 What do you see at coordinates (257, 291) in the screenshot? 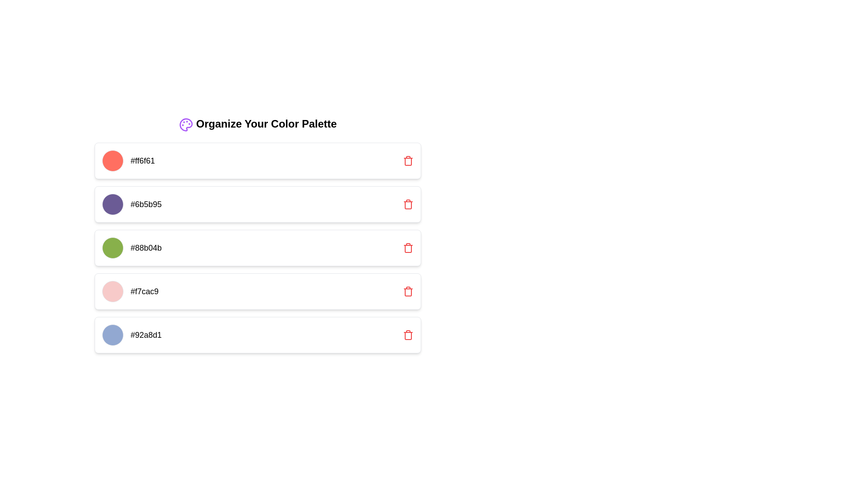
I see `the fourth color selection card, which contains a color display section, a text label, and a delete icon` at bounding box center [257, 291].